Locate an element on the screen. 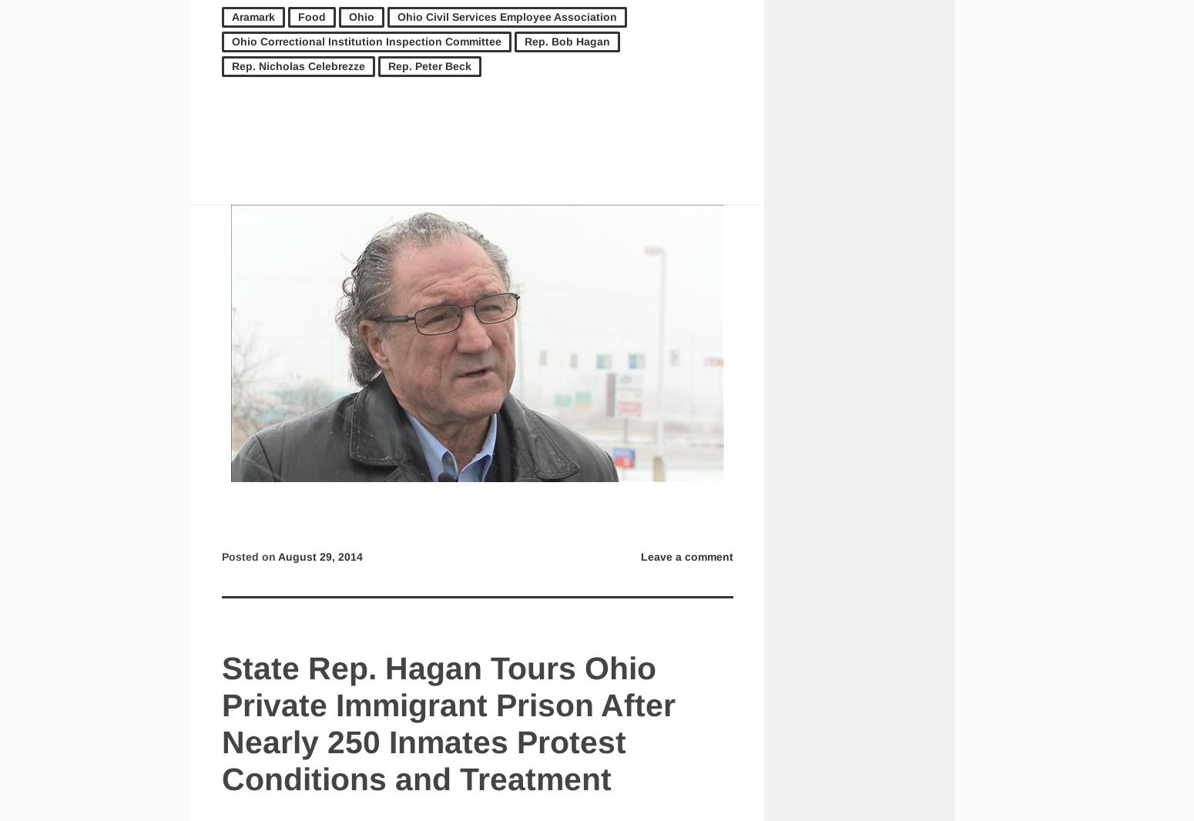  'Posted on' is located at coordinates (249, 555).